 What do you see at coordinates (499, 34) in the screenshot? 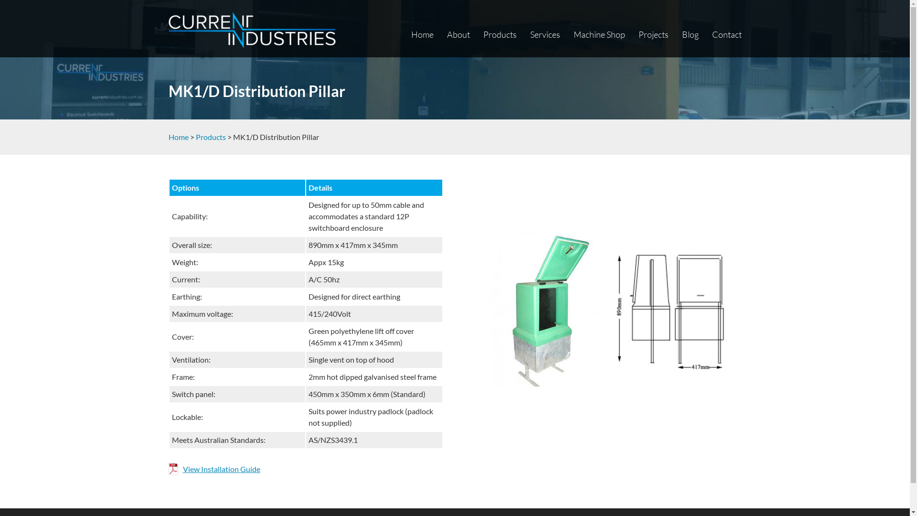
I see `'Products'` at bounding box center [499, 34].